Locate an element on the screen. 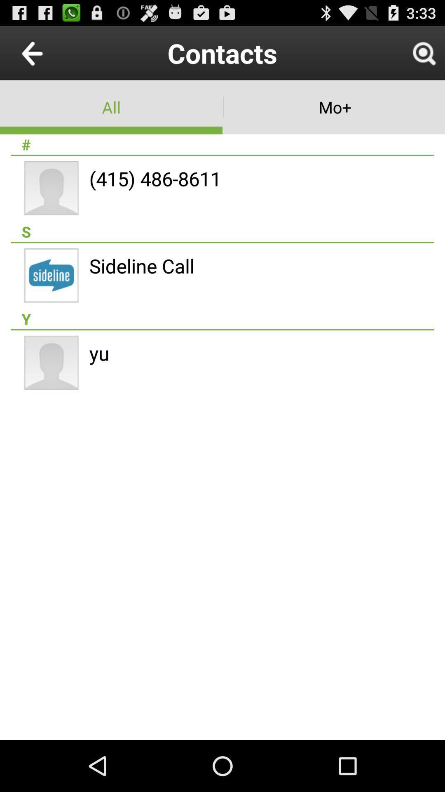 The height and width of the screenshot is (792, 445). item to the right of contacts icon is located at coordinates (424, 52).